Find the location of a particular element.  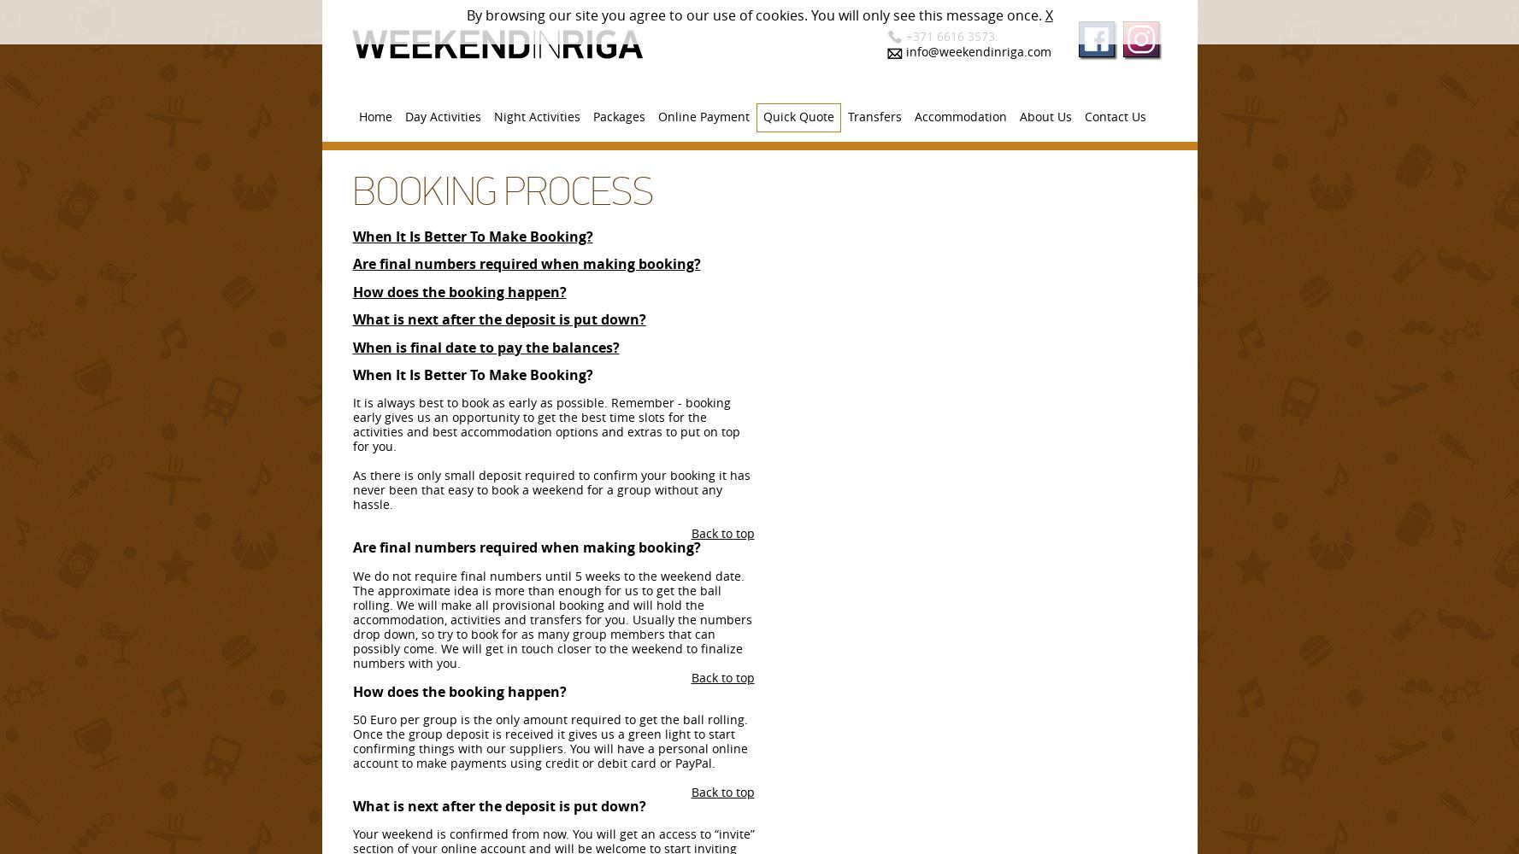

'As there is only small deposit required to confirm your booking it has never been that easy to book a weekend for a group without any hassle.' is located at coordinates (351, 488).